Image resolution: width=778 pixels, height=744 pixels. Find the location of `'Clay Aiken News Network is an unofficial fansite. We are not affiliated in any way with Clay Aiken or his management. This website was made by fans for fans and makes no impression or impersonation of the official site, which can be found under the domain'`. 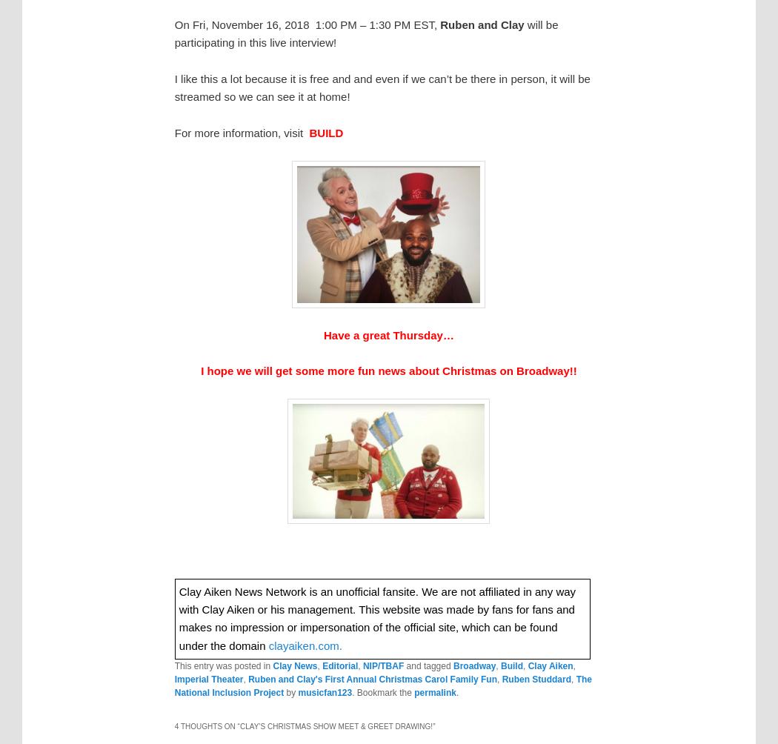

'Clay Aiken News Network is an unofficial fansite. We are not affiliated in any way with Clay Aiken or his management. This website was made by fans for fans and makes no impression or impersonation of the official site, which can be found under the domain' is located at coordinates (376, 618).